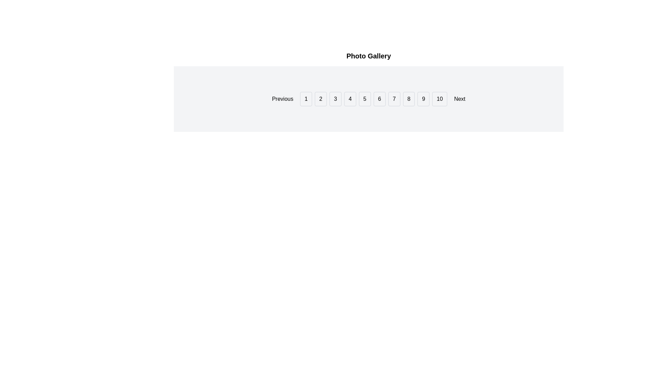  What do you see at coordinates (282, 99) in the screenshot?
I see `the first button on the left` at bounding box center [282, 99].